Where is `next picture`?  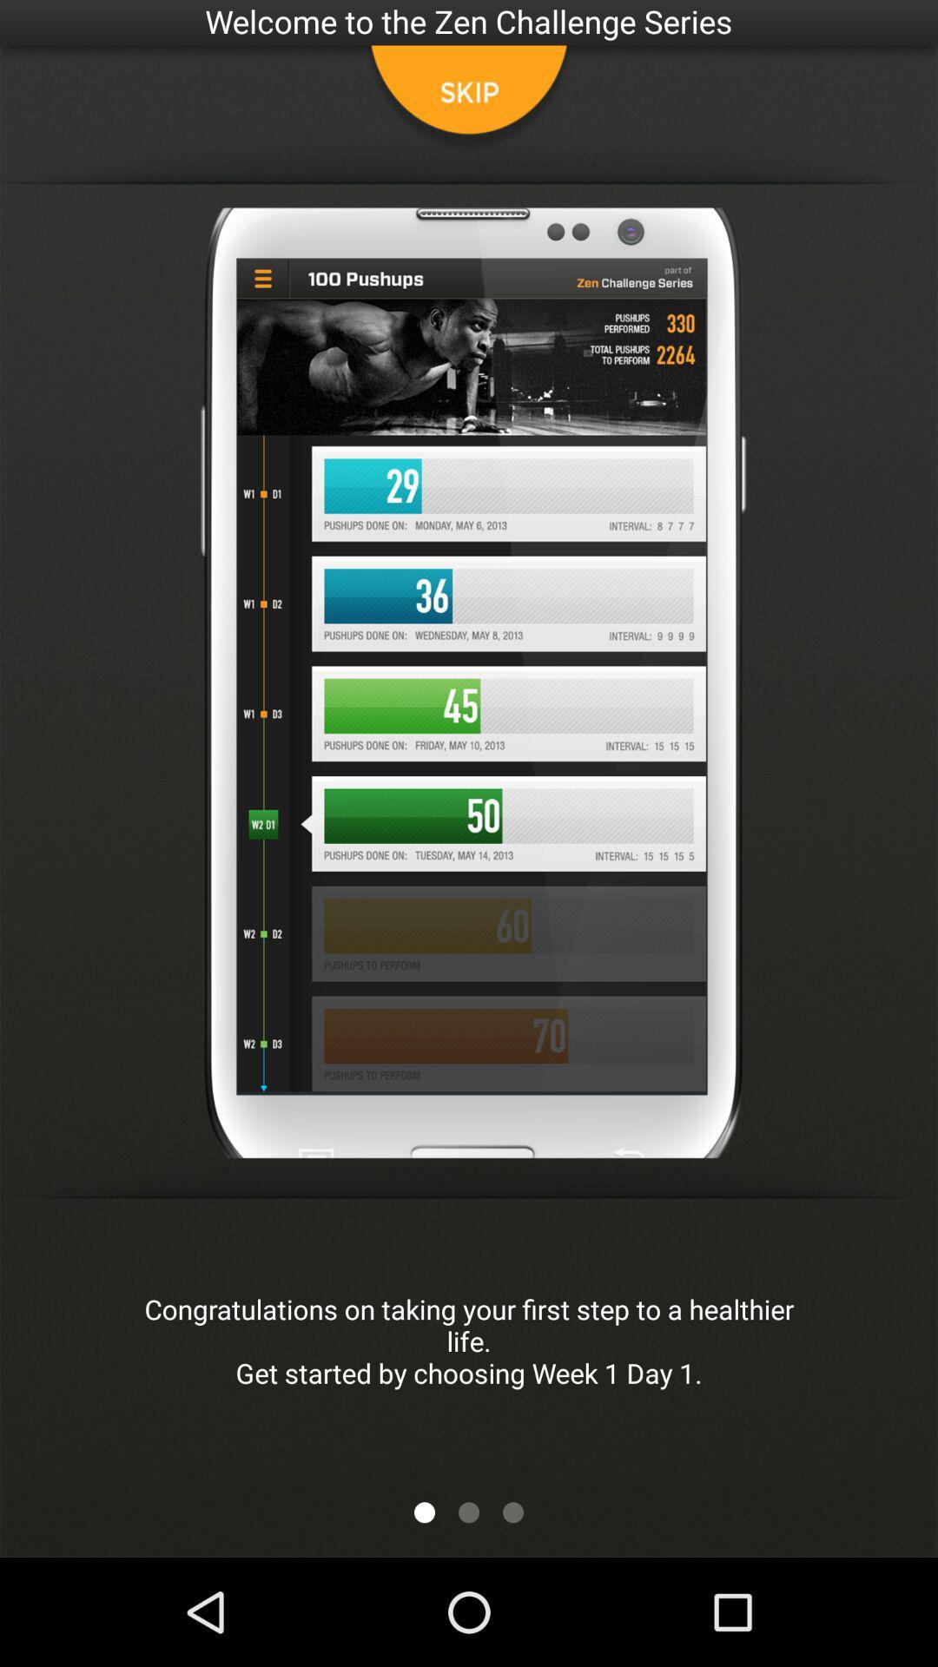 next picture is located at coordinates (425, 1512).